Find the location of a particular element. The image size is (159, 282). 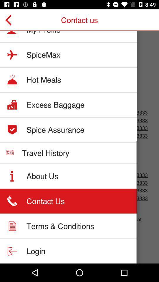

storage details is located at coordinates (79, 147).